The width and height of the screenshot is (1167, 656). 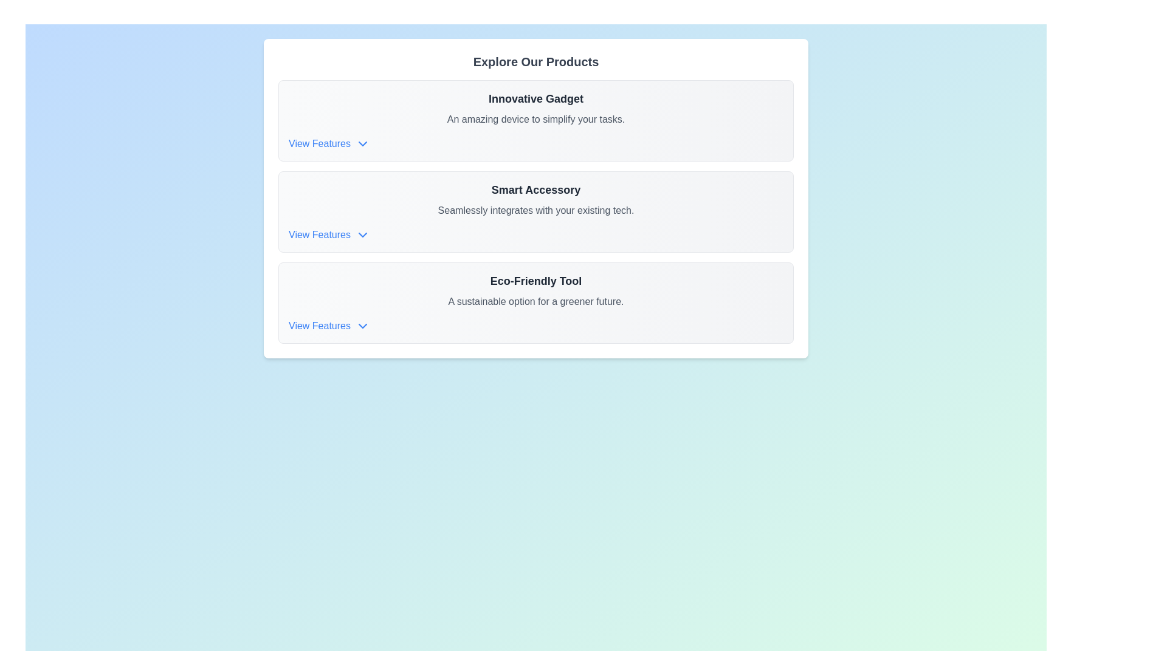 What do you see at coordinates (535, 61) in the screenshot?
I see `the headline text element displaying 'Explore Our Products', which is located at the top of a white, rounded rectangle card` at bounding box center [535, 61].